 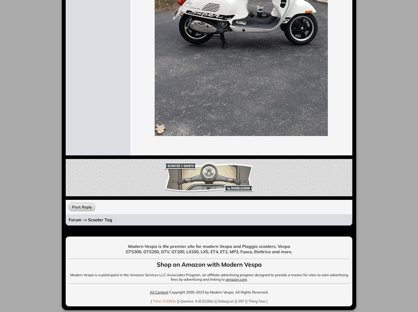 What do you see at coordinates (145, 246) in the screenshot?
I see `'Modern Vespa is'` at bounding box center [145, 246].